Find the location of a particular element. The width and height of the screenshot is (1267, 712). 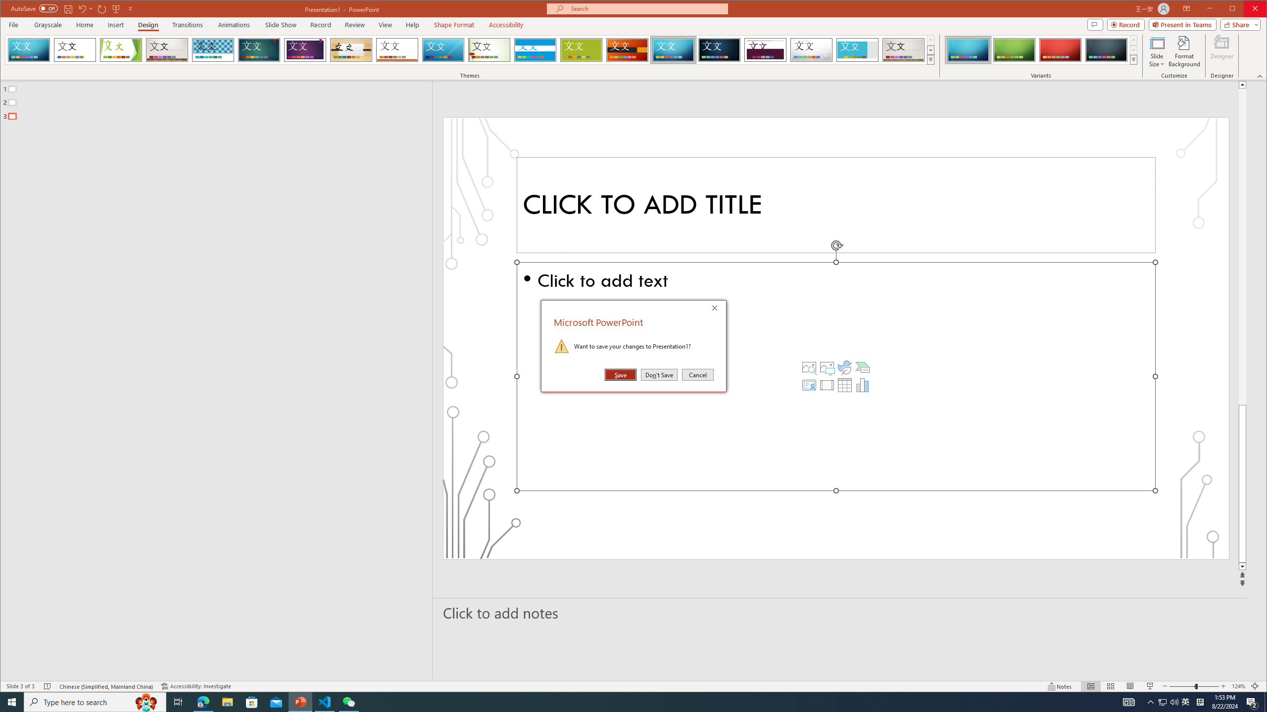

'Insert Video' is located at coordinates (827, 385).